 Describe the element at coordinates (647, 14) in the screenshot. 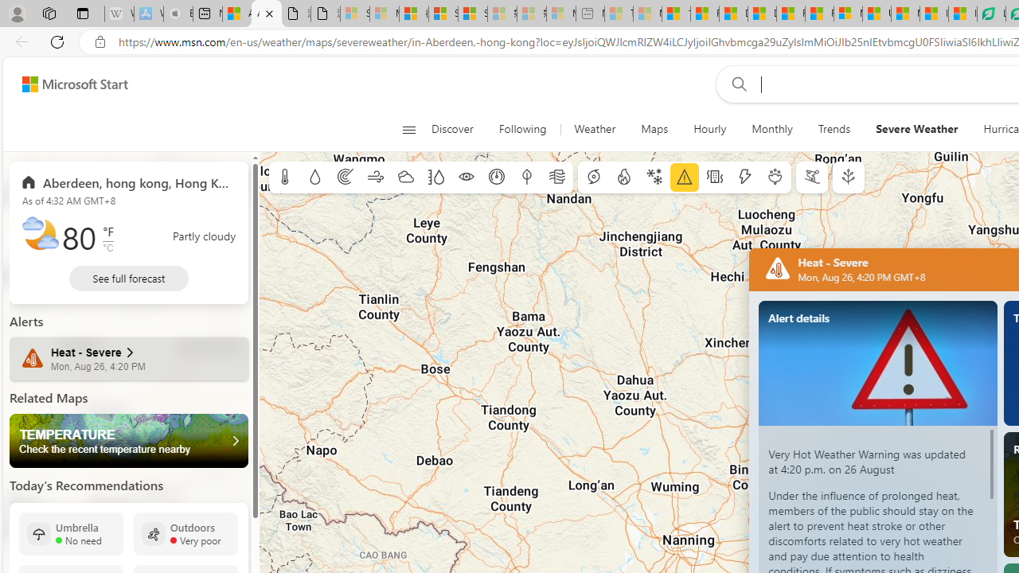

I see `'Marine life - MSN - Sleeping'` at that location.